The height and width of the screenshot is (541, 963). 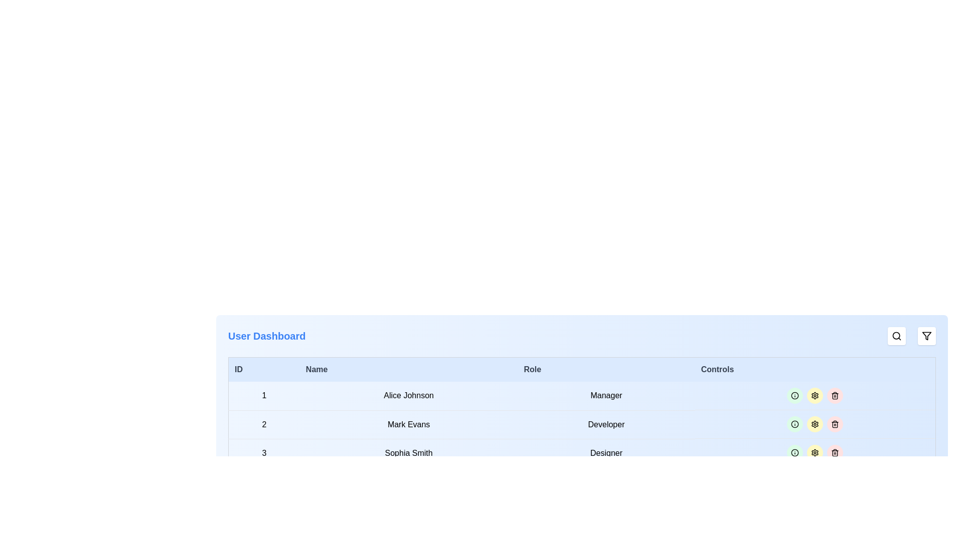 What do you see at coordinates (897, 336) in the screenshot?
I see `the small circular search button with a magnifying glass icon located in the top right corner of the card's header section` at bounding box center [897, 336].